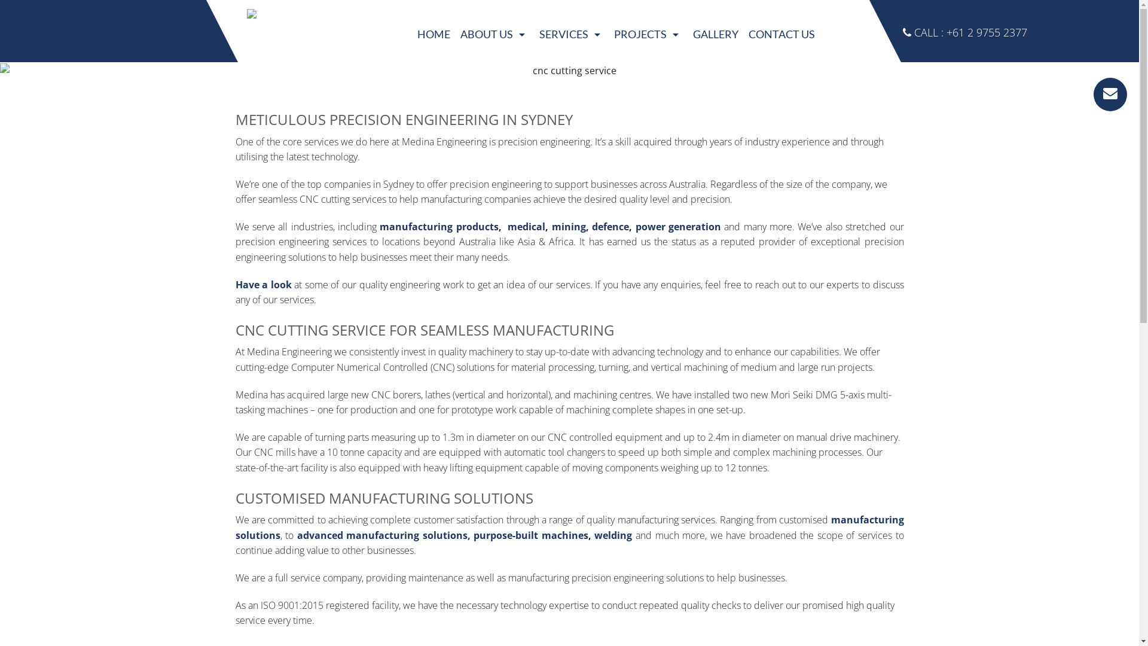  Describe the element at coordinates (533, 151) in the screenshot. I see `'PURPOSE BUILT MACHINERY'` at that location.